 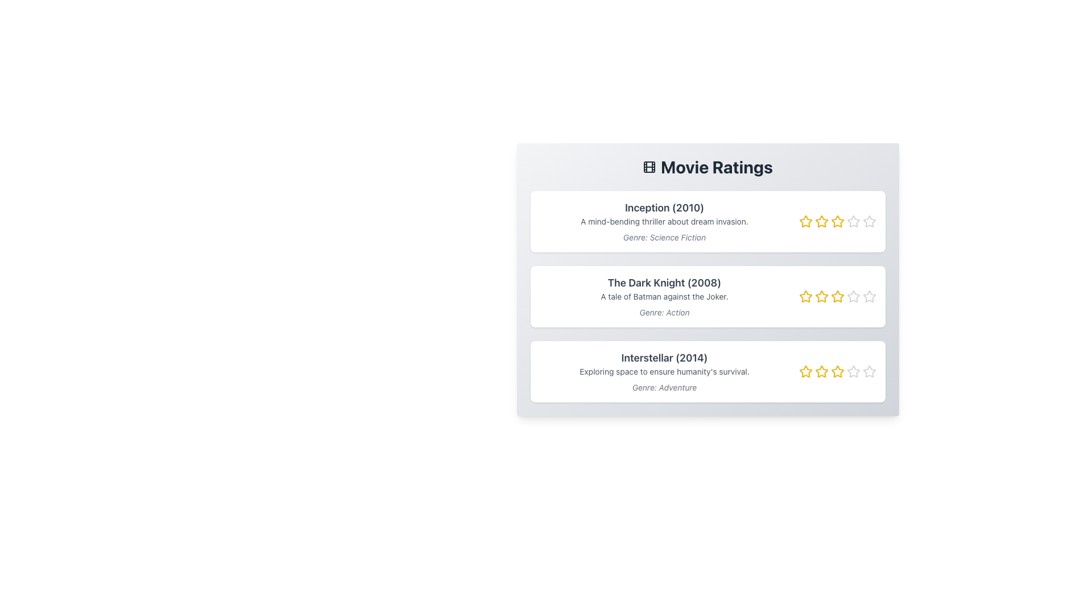 I want to click on the text label indicating the genre of the movie 'The Dark Knight (2008)', which displays 'Action' and is located at the bottom of the movie's title and description, so click(x=664, y=313).